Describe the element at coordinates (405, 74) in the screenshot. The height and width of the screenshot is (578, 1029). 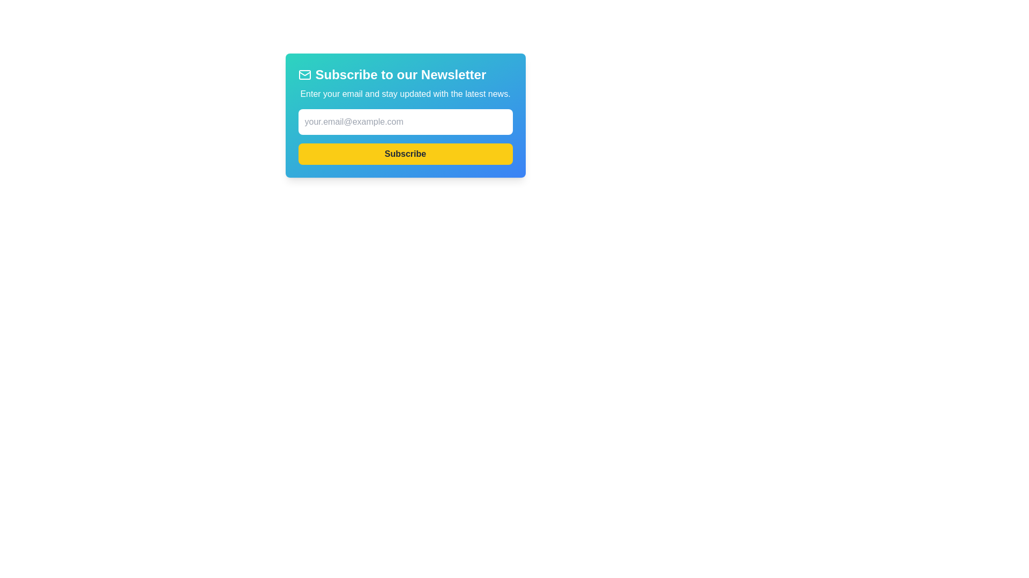
I see `the centered text label 'Subscribe to our Newsletter' with a bold, white font and a mail icon on its left, which is positioned on a gradient blue-to-teal background` at that location.